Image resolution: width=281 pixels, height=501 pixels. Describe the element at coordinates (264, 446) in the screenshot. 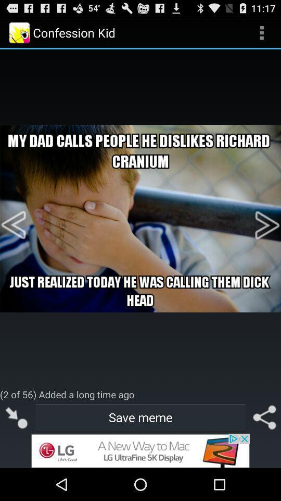

I see `the share icon` at that location.